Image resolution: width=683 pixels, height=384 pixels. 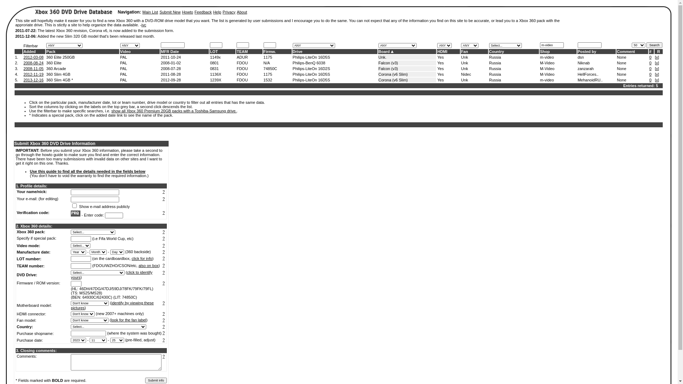 I want to click on 'Philips-LiteOn 16D5S', so click(x=311, y=57).